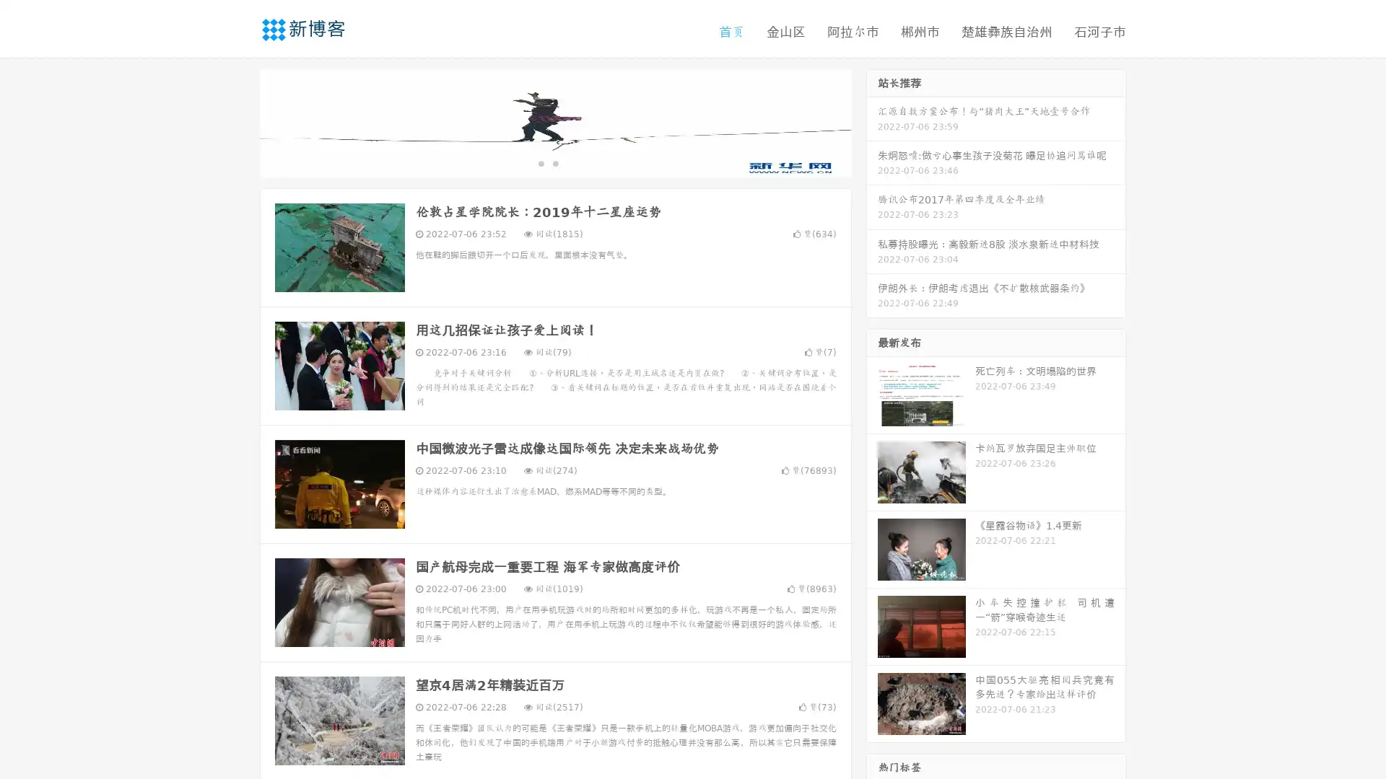 The width and height of the screenshot is (1386, 779). Describe the element at coordinates (872, 121) in the screenshot. I see `Next slide` at that location.